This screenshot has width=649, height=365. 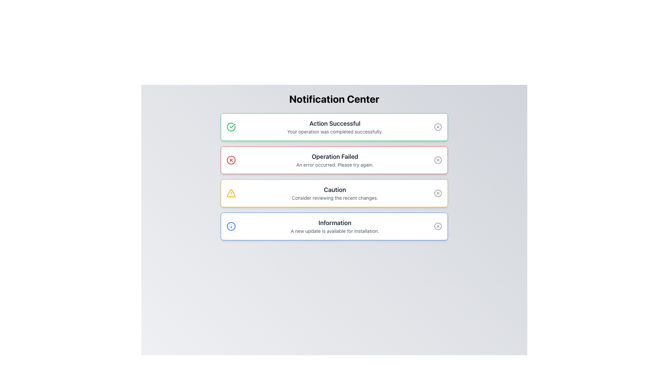 I want to click on the dismiss button located at the far right of the notification card that displays the text 'Information A new update is available for installation.', so click(x=438, y=226).